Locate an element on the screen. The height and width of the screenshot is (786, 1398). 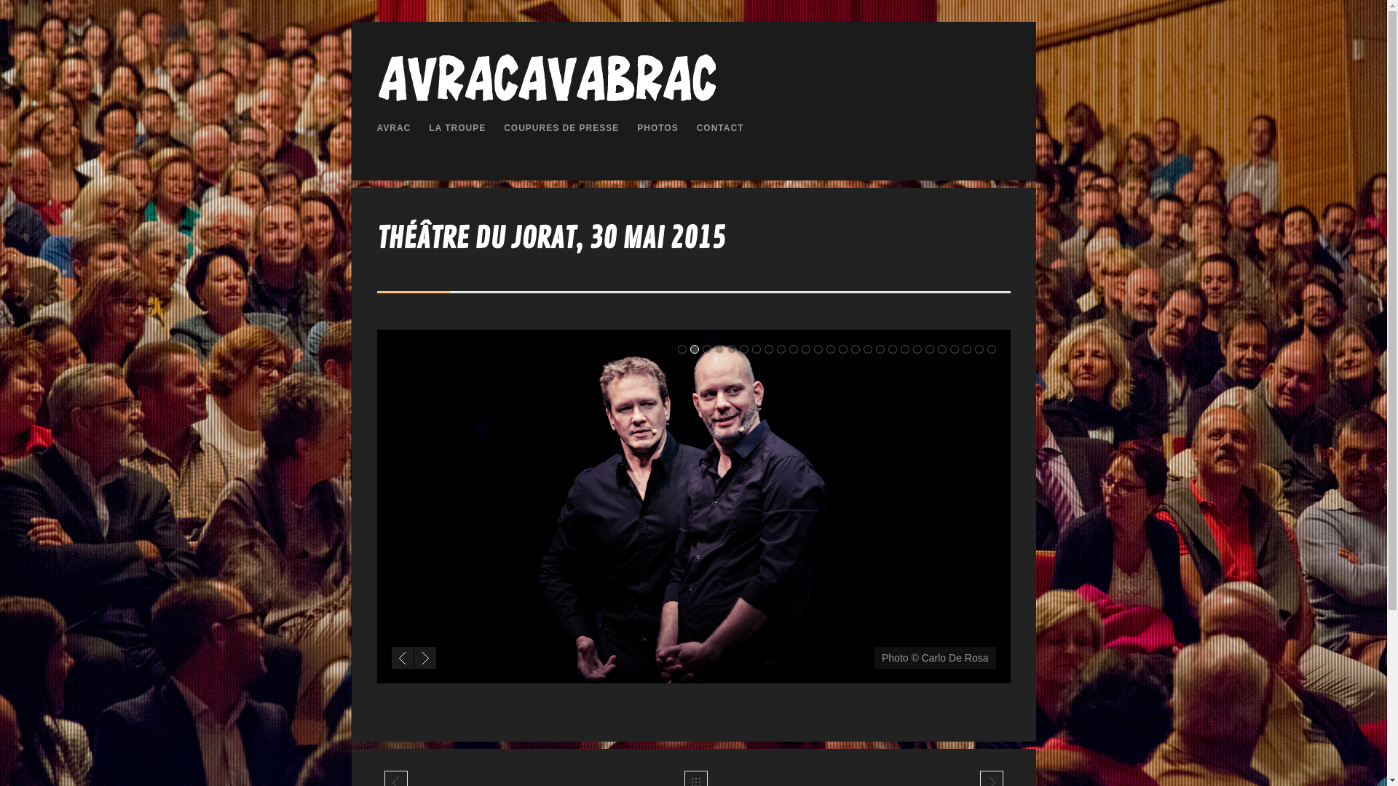
'LA TROUPE' is located at coordinates (457, 128).